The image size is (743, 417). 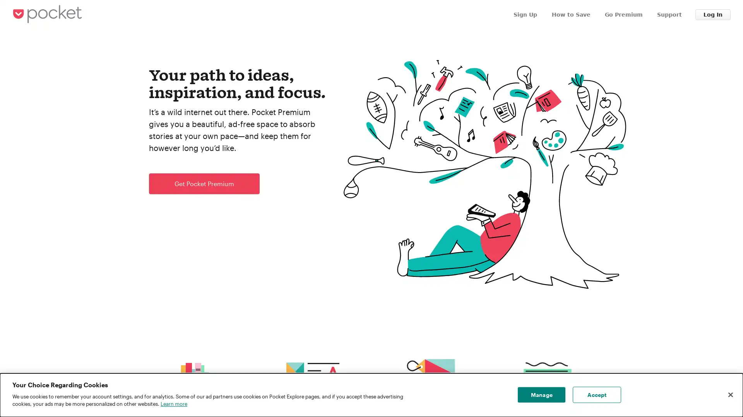 I want to click on Accept, so click(x=596, y=395).